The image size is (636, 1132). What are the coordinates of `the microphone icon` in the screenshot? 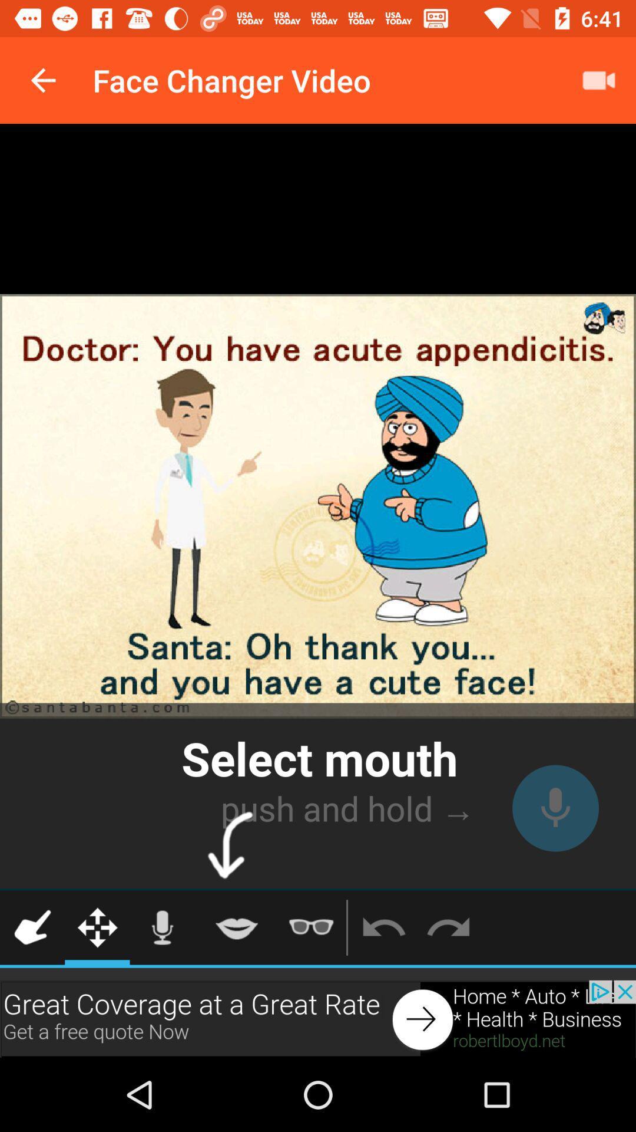 It's located at (162, 927).